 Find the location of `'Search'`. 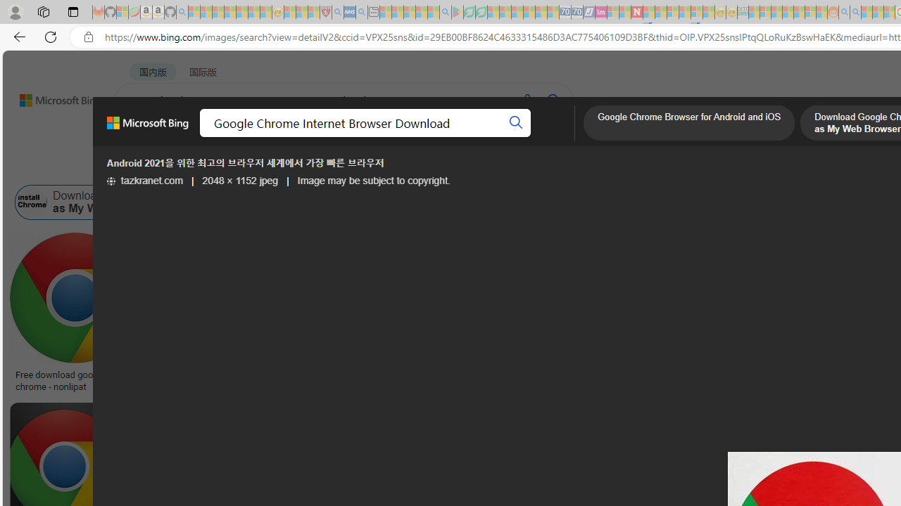

'Search' is located at coordinates (515, 122).